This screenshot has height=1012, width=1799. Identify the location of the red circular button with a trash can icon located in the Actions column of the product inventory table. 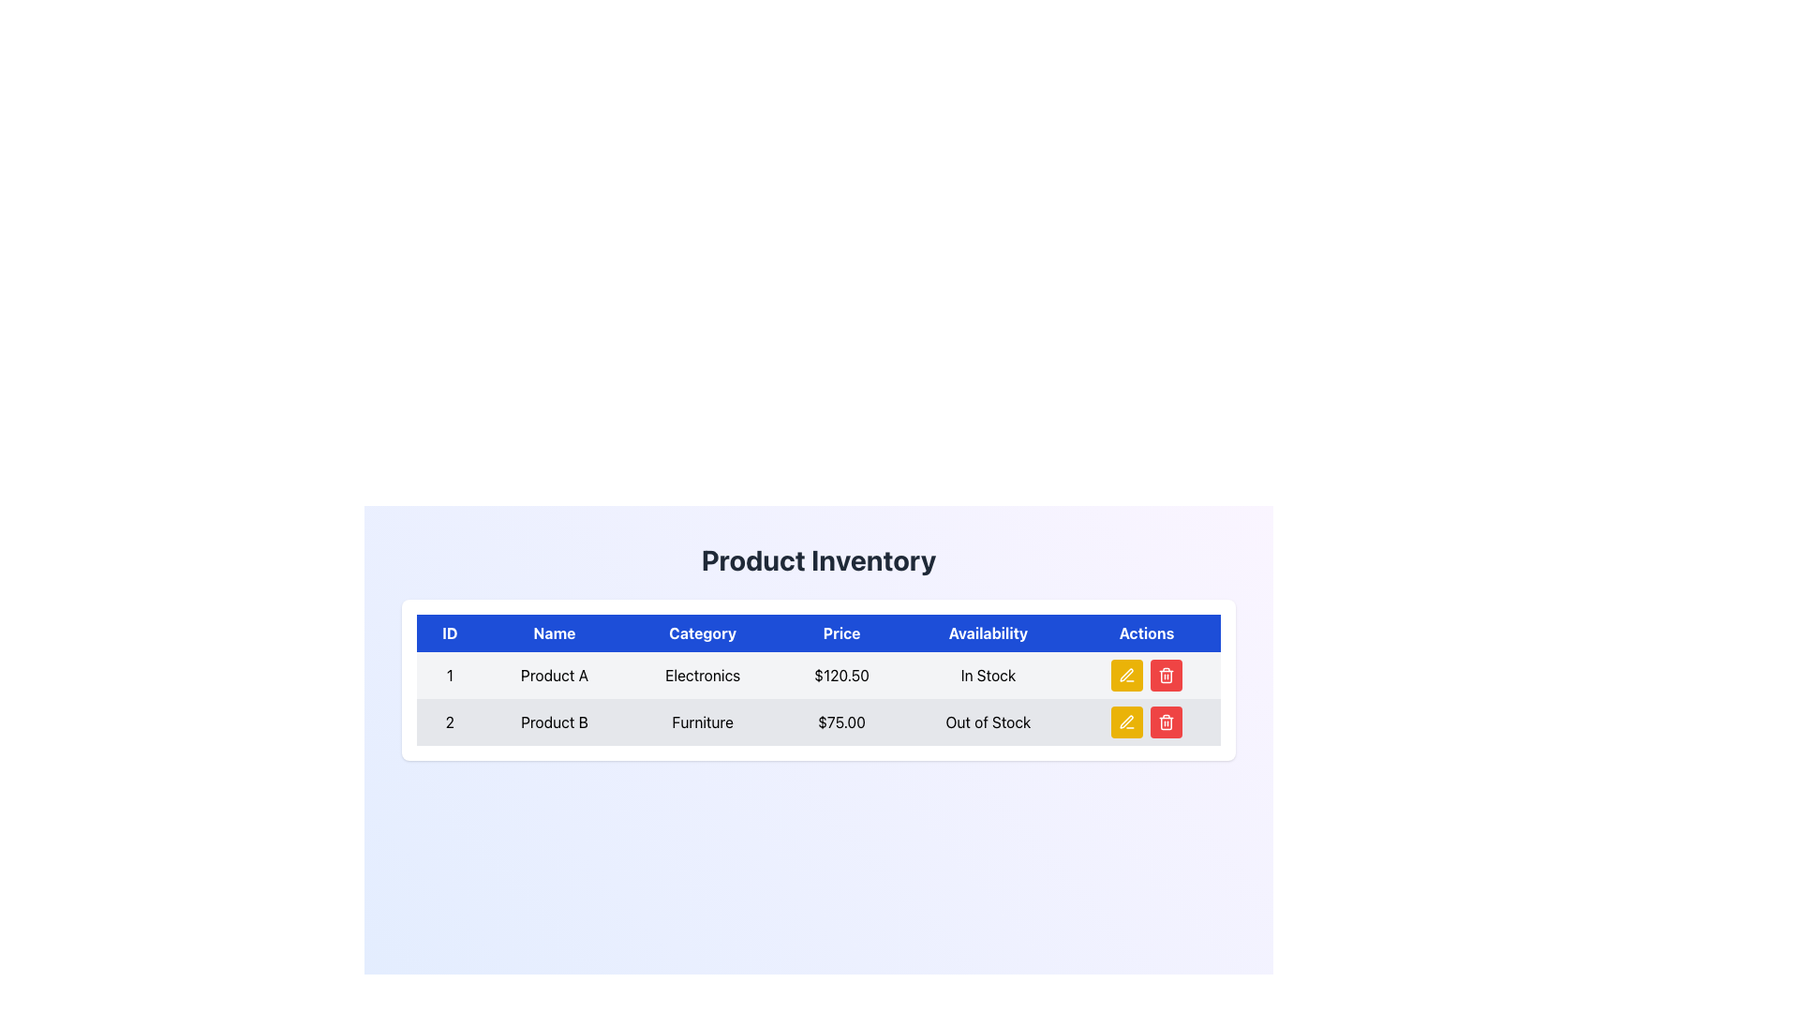
(1165, 722).